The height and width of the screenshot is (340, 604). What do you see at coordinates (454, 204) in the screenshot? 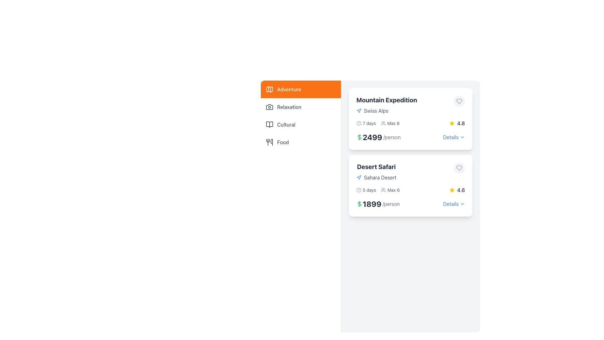
I see `the Text Button with Icon located at the bottom-right of the 'Desert Safari' card, which displays the price '$1899 /person' and is aligned with the rating of 4.6` at bounding box center [454, 204].